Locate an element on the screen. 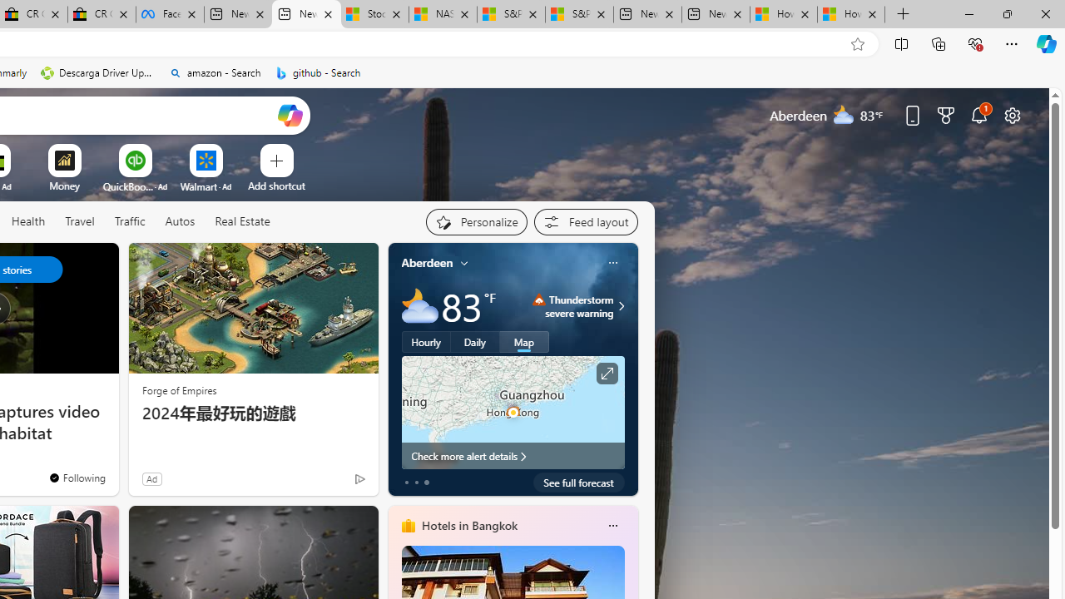 The width and height of the screenshot is (1065, 599). 'Autos' is located at coordinates (180, 220).